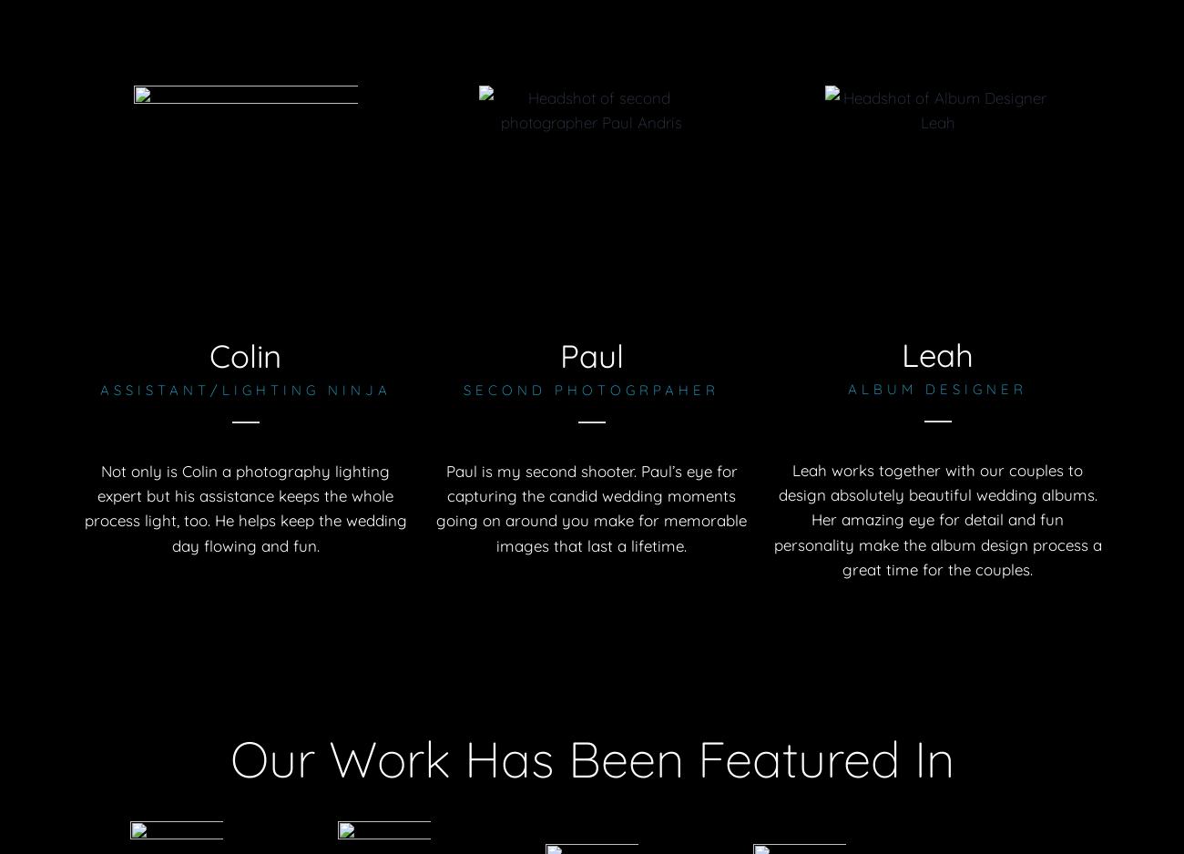  Describe the element at coordinates (590, 354) in the screenshot. I see `'Paul'` at that location.